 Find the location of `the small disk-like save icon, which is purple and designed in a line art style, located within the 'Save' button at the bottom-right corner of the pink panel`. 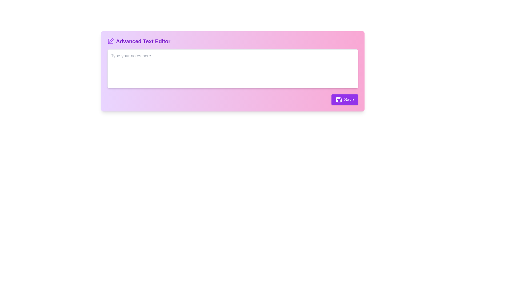

the small disk-like save icon, which is purple and designed in a line art style, located within the 'Save' button at the bottom-right corner of the pink panel is located at coordinates (338, 100).